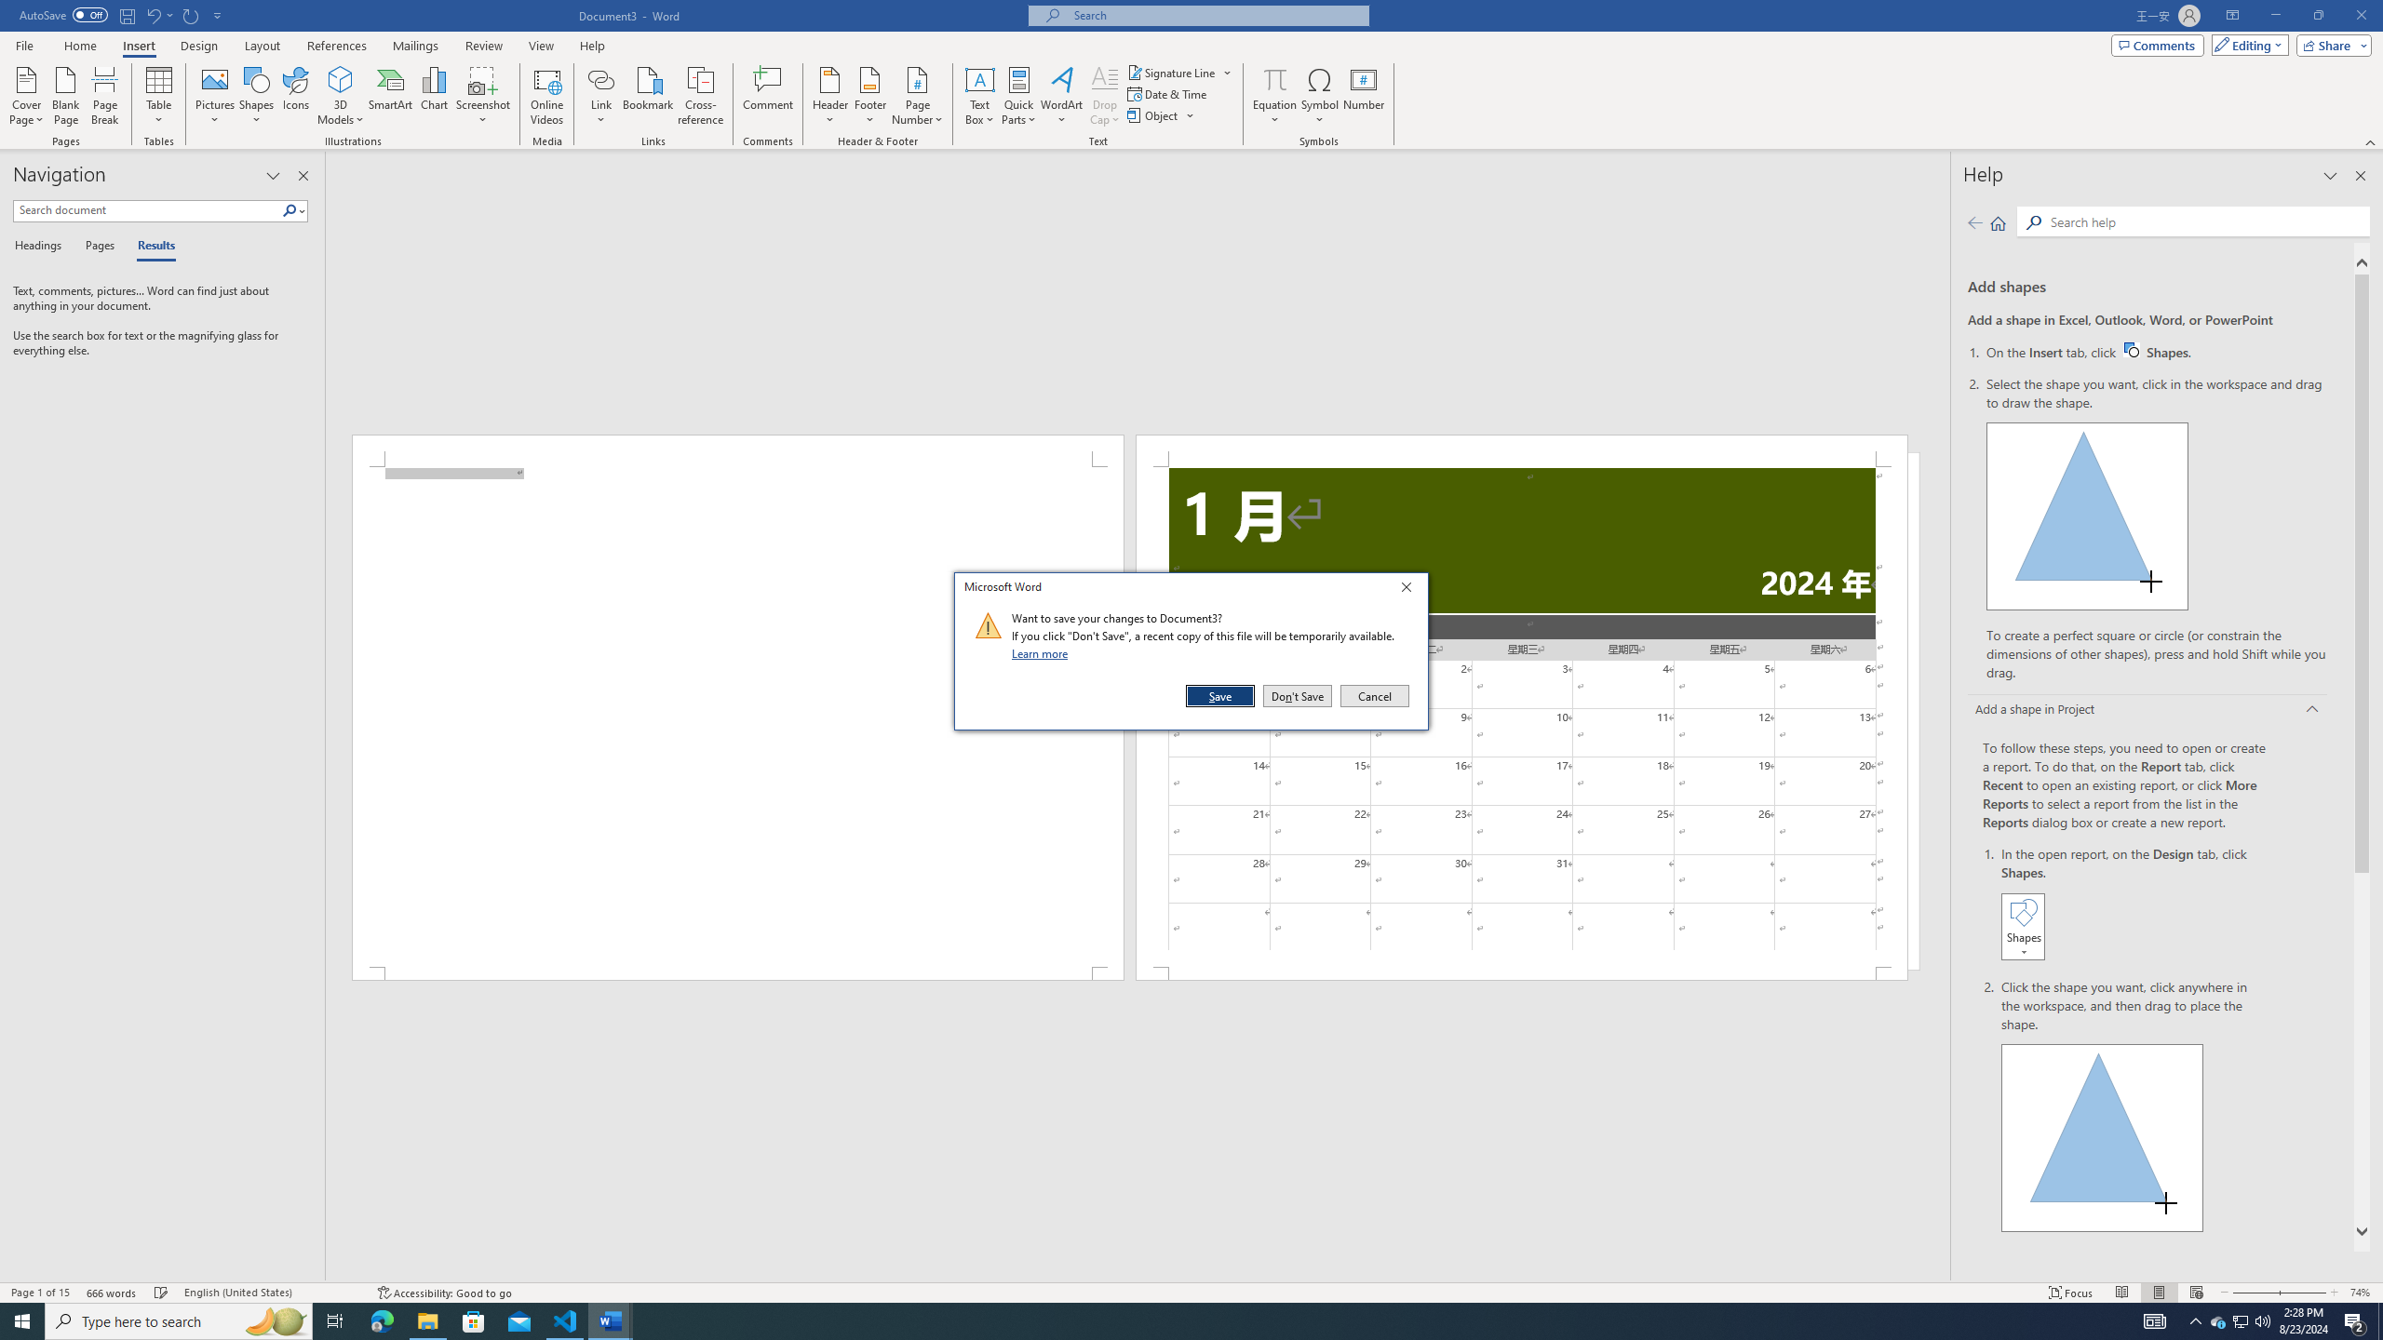 The image size is (2383, 1340). What do you see at coordinates (333, 1320) in the screenshot?
I see `'Task View'` at bounding box center [333, 1320].